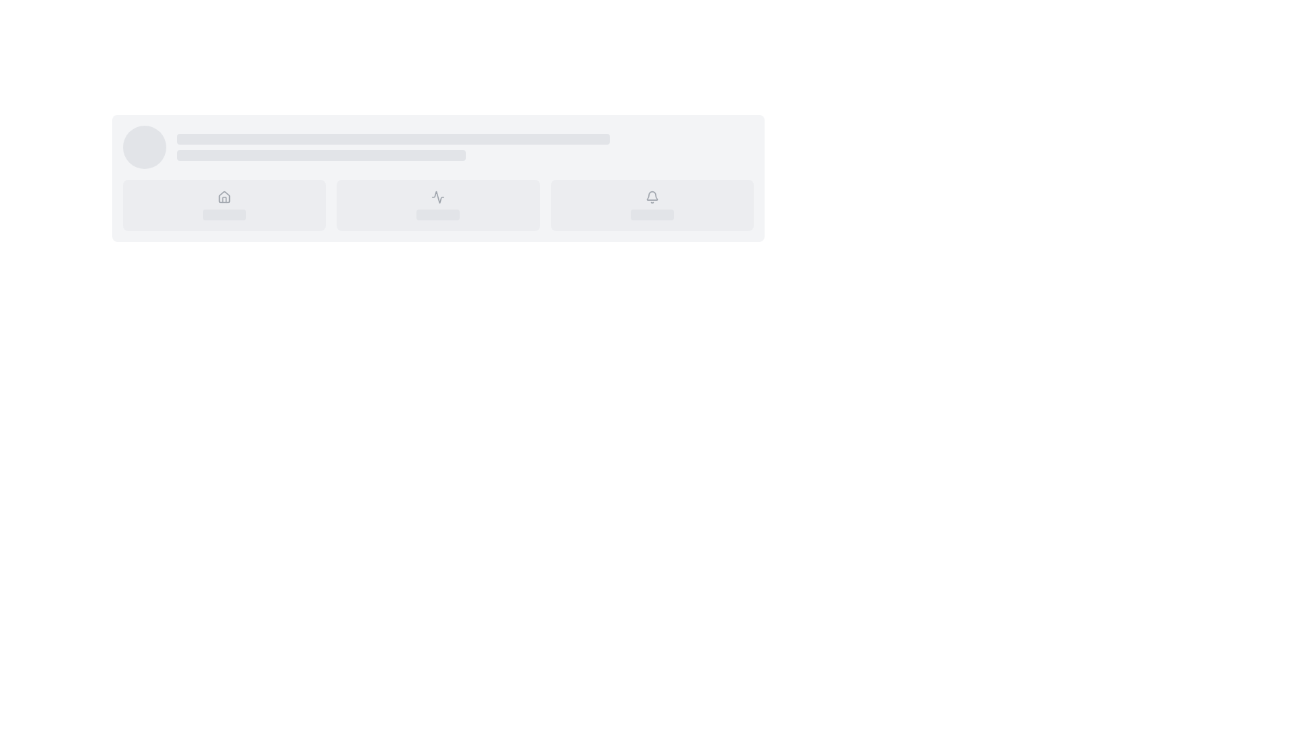  What do you see at coordinates (438, 197) in the screenshot?
I see `the zigzag line icon in the center section of the navigation bar, which represents activity or fluctuation` at bounding box center [438, 197].